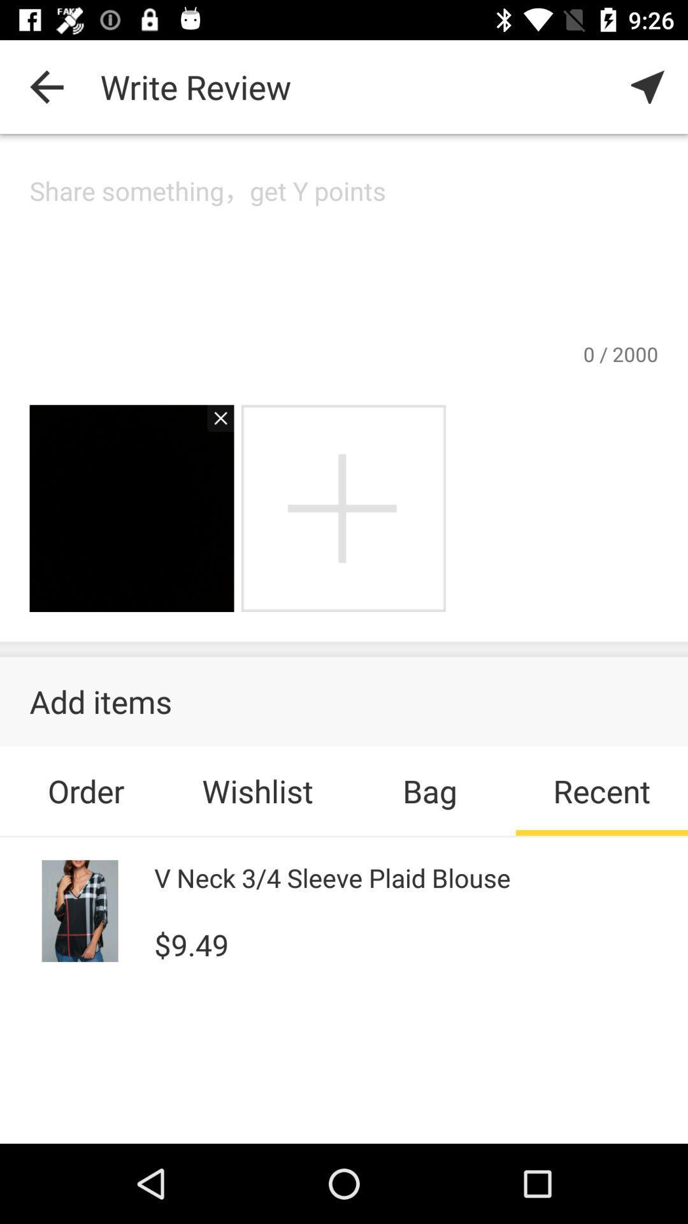 The width and height of the screenshot is (688, 1224). I want to click on cursor in box, so click(344, 256).